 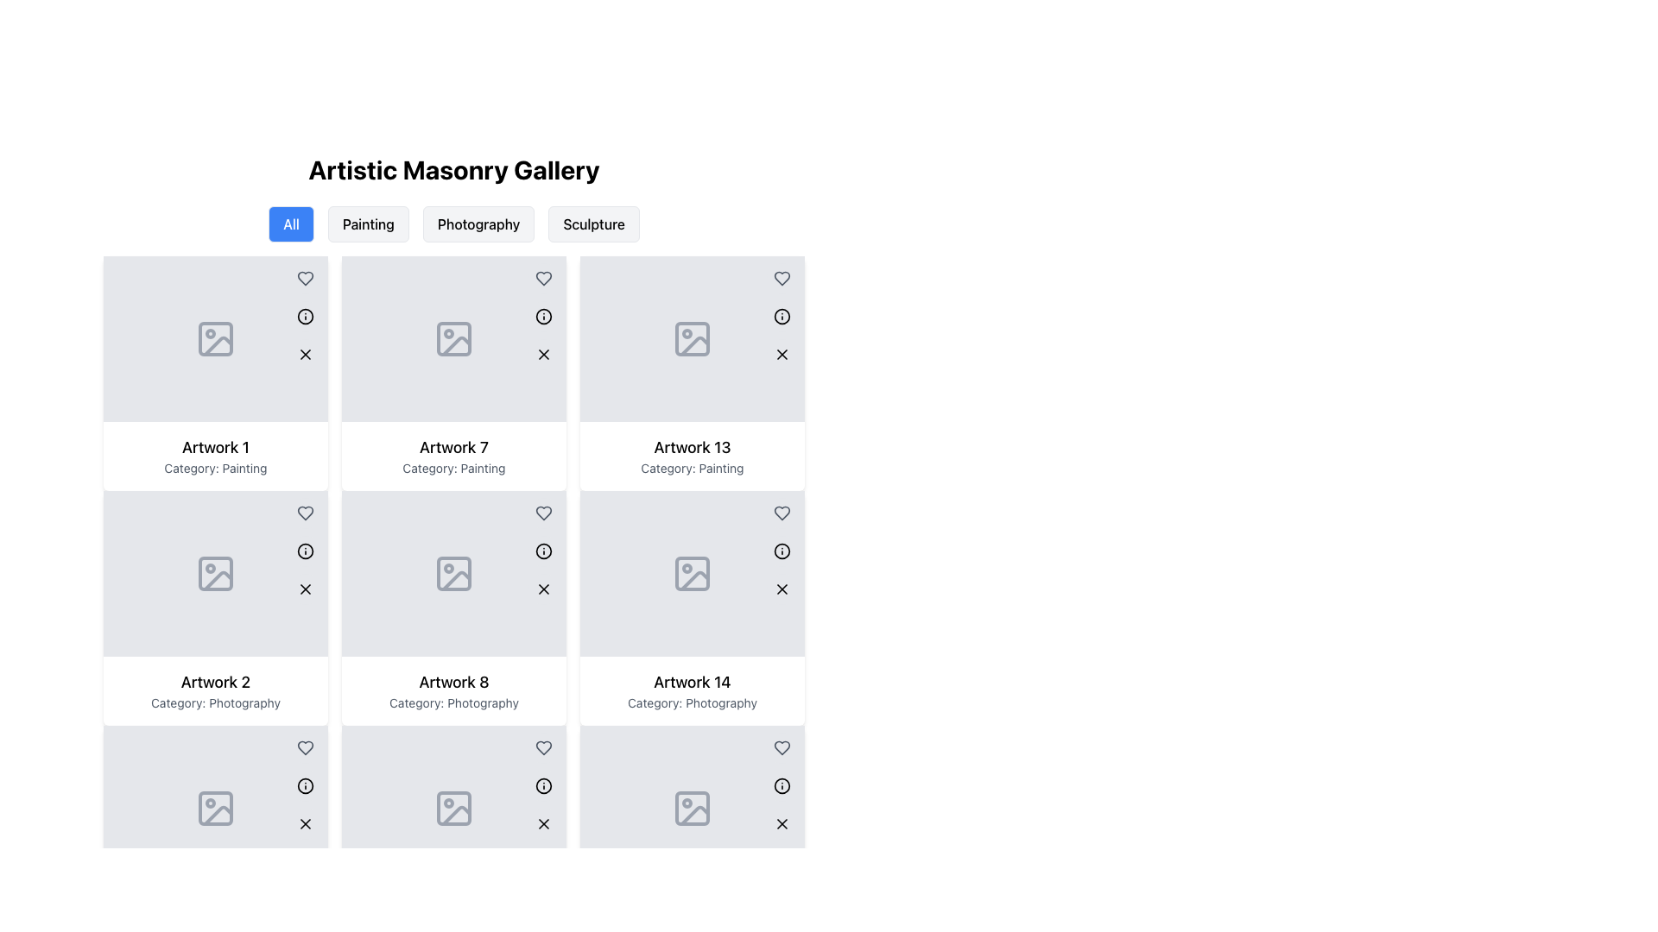 I want to click on the heart-shaped icon with an outline style, rendered in gray, located at the top-right corner of the tile labeled 'Artwork 13, Category: Painting', so click(x=782, y=278).